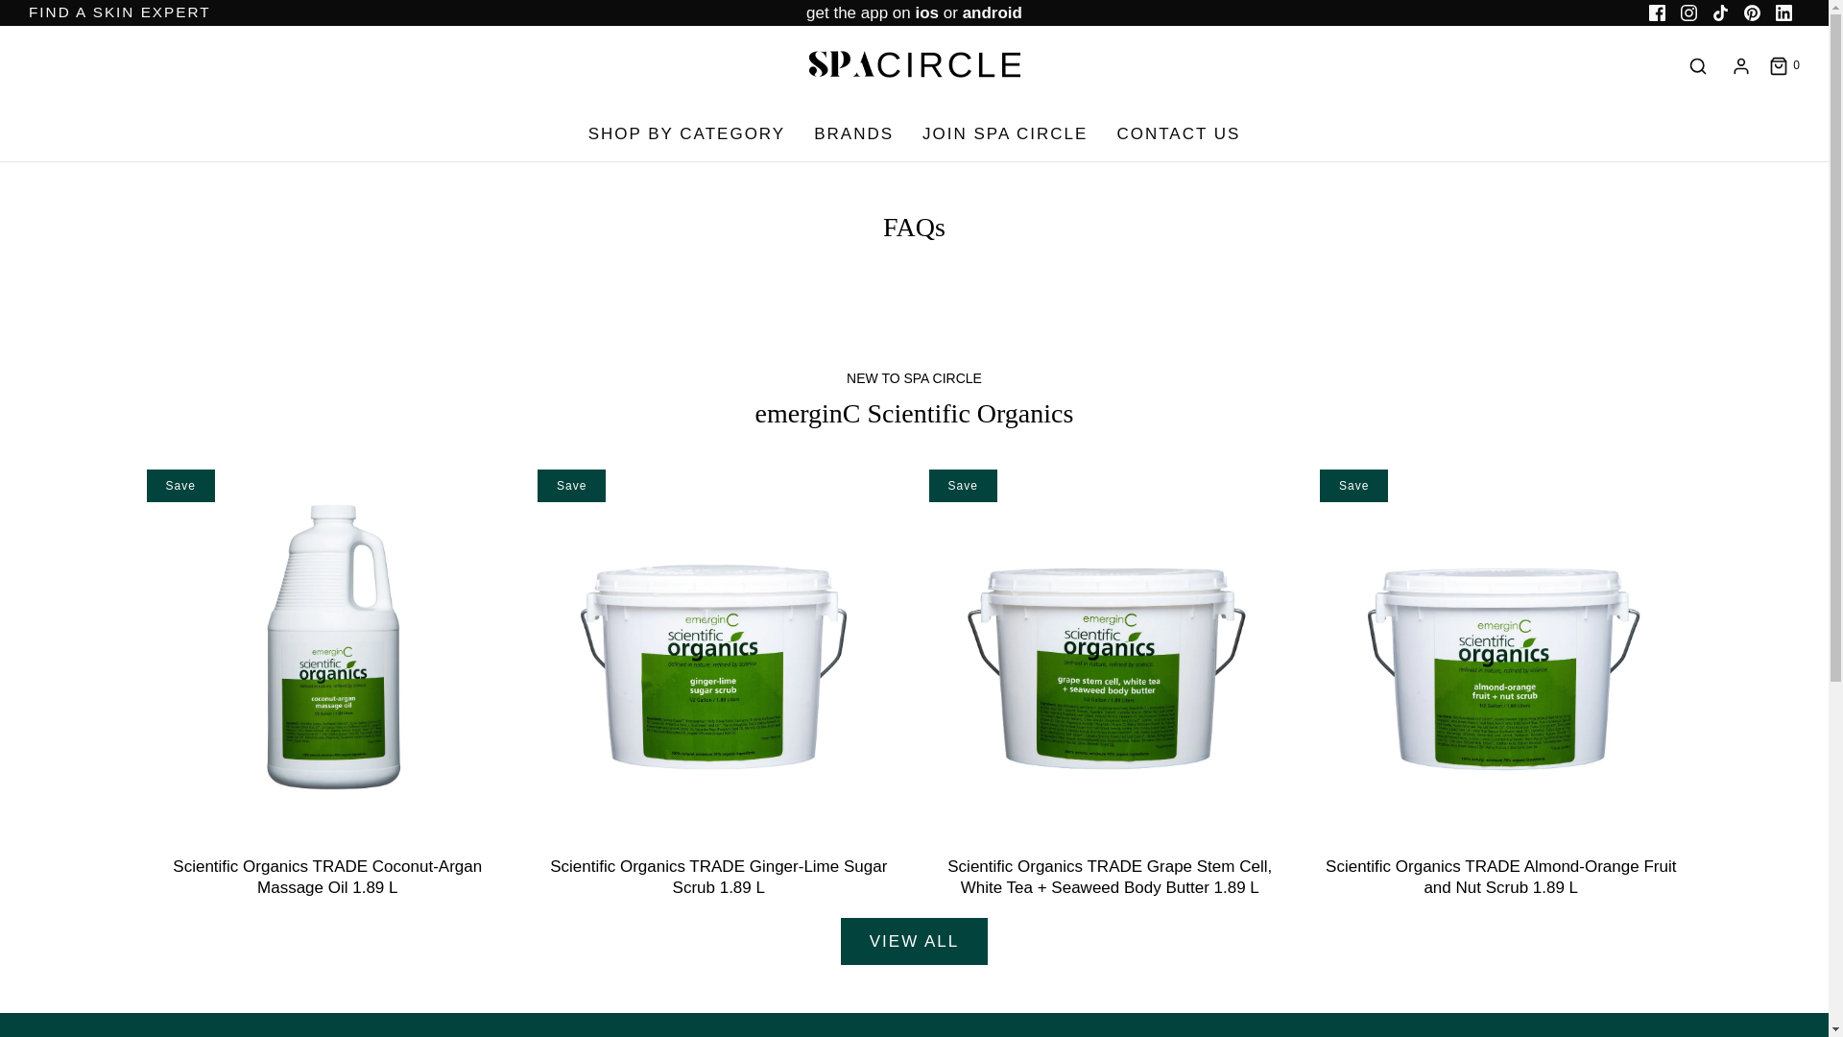 The width and height of the screenshot is (1843, 1037). Describe the element at coordinates (686, 133) in the screenshot. I see `'SHOP BY CATEGORY'` at that location.